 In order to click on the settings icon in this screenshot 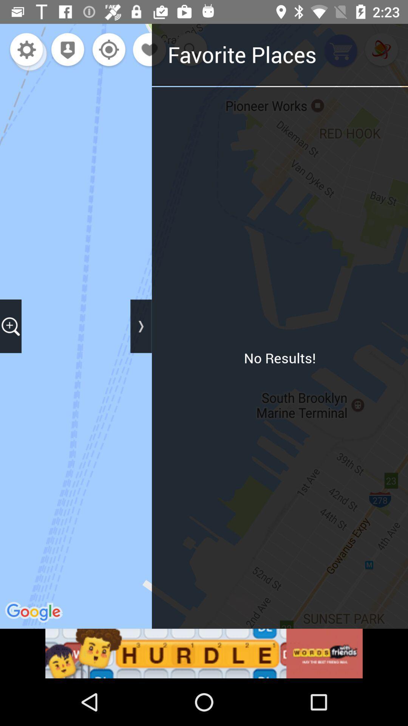, I will do `click(29, 53)`.